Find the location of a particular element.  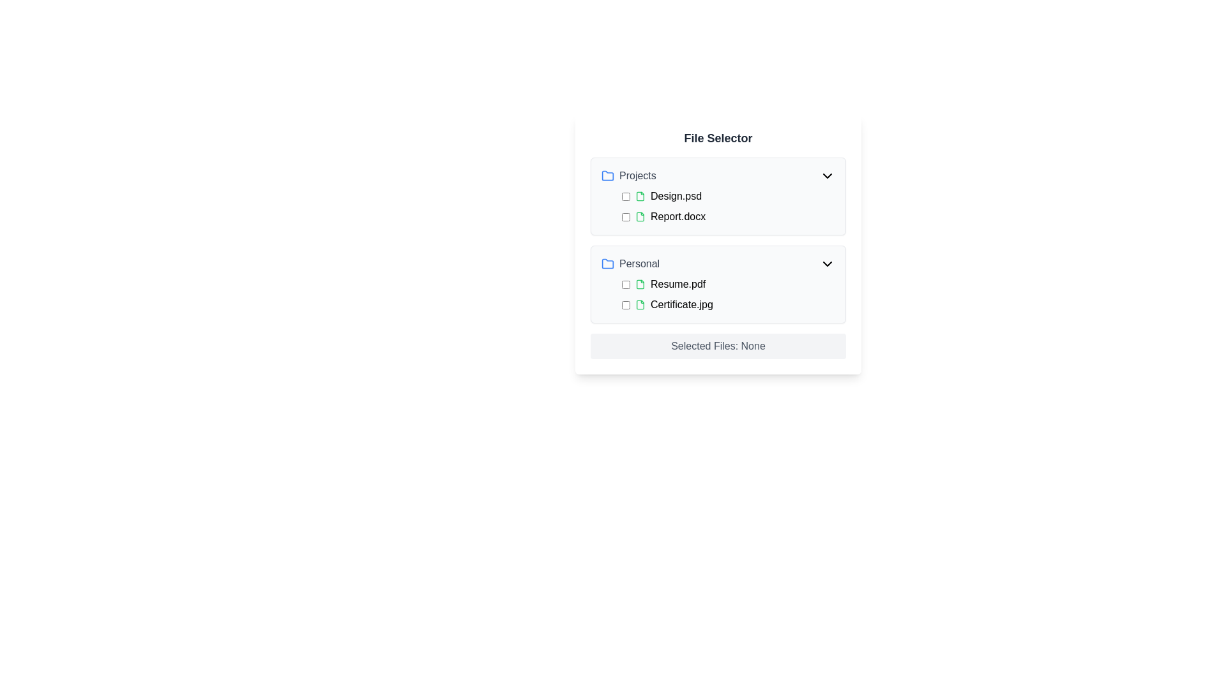

the file name 'Certificate.jpg' is located at coordinates (729, 305).